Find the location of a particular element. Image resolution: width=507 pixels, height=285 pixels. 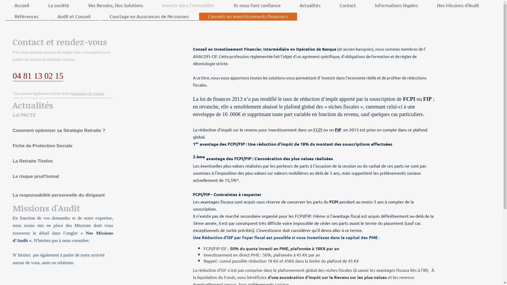

'Accueil' is located at coordinates (21, 5).